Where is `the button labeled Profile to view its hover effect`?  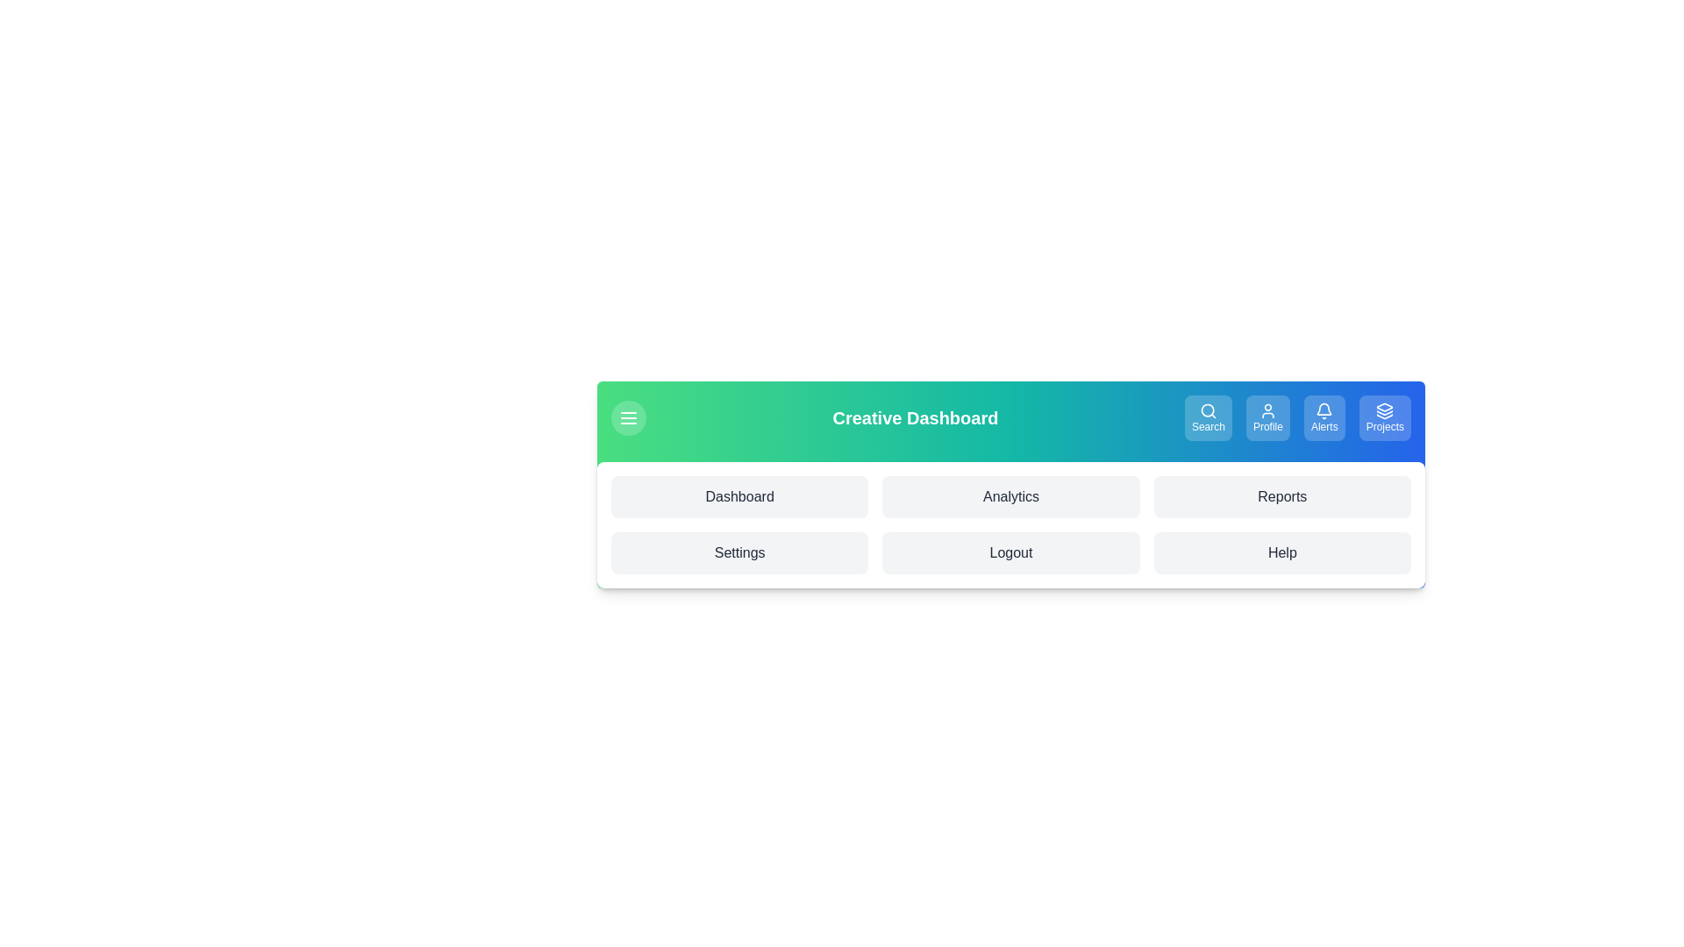 the button labeled Profile to view its hover effect is located at coordinates (1267, 418).